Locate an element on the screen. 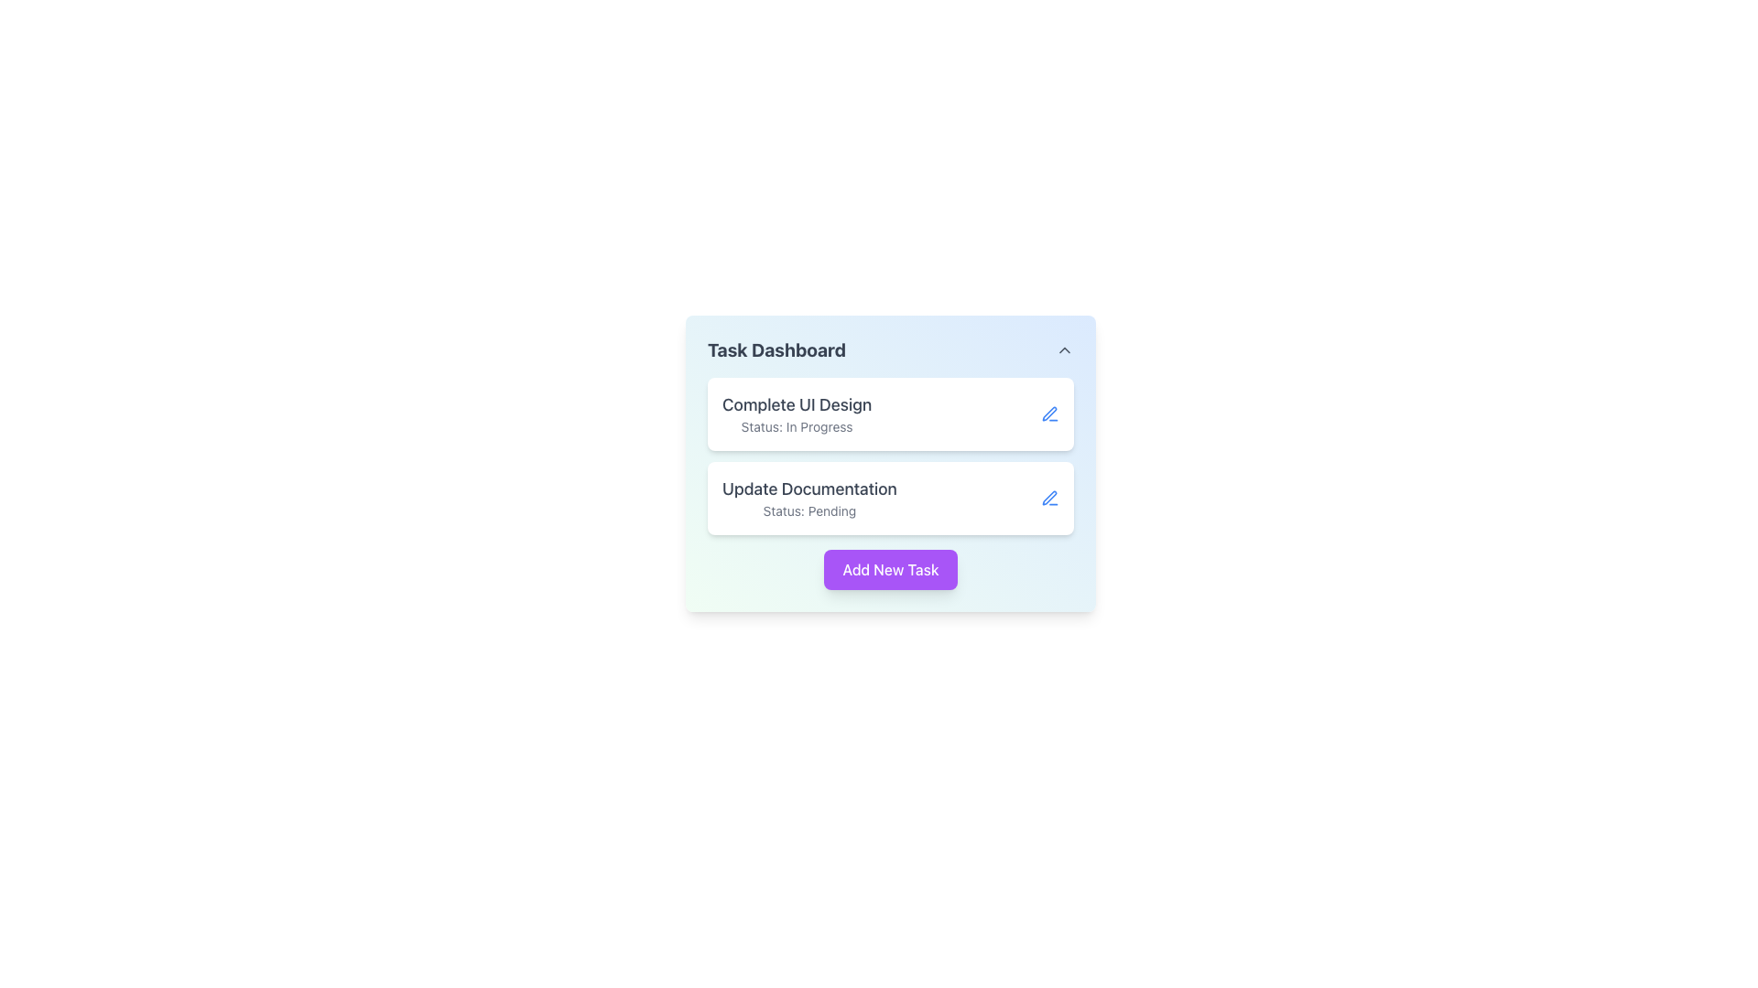 Image resolution: width=1758 pixels, height=988 pixels. displayed text of the task title 'Complete UI Design' and its status 'In Progress' located in the top task card under 'Task Dashboard.' is located at coordinates (797, 413).